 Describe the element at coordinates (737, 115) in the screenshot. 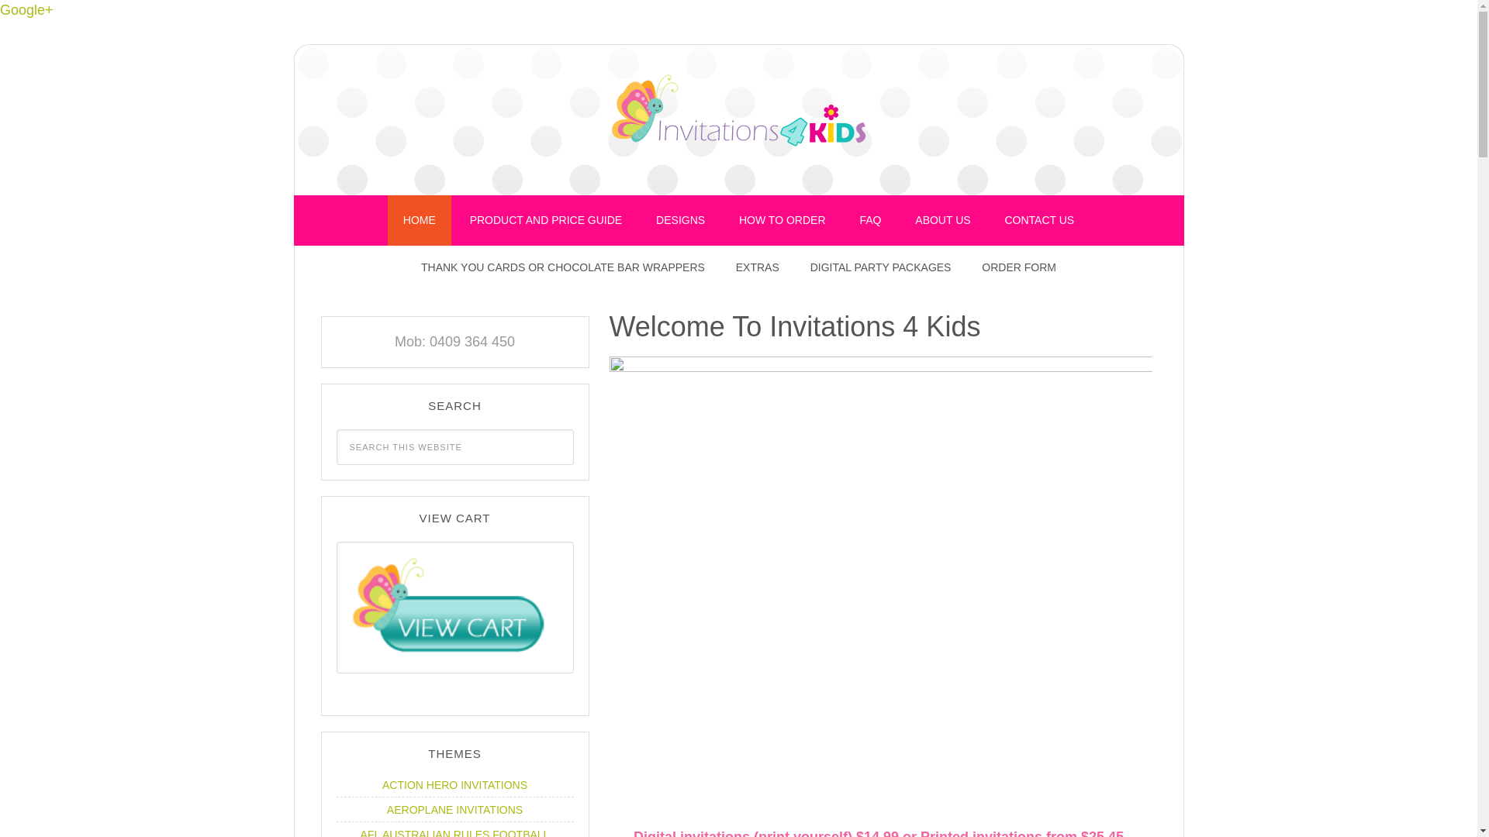

I see `'Invitations 4 Kids'` at that location.